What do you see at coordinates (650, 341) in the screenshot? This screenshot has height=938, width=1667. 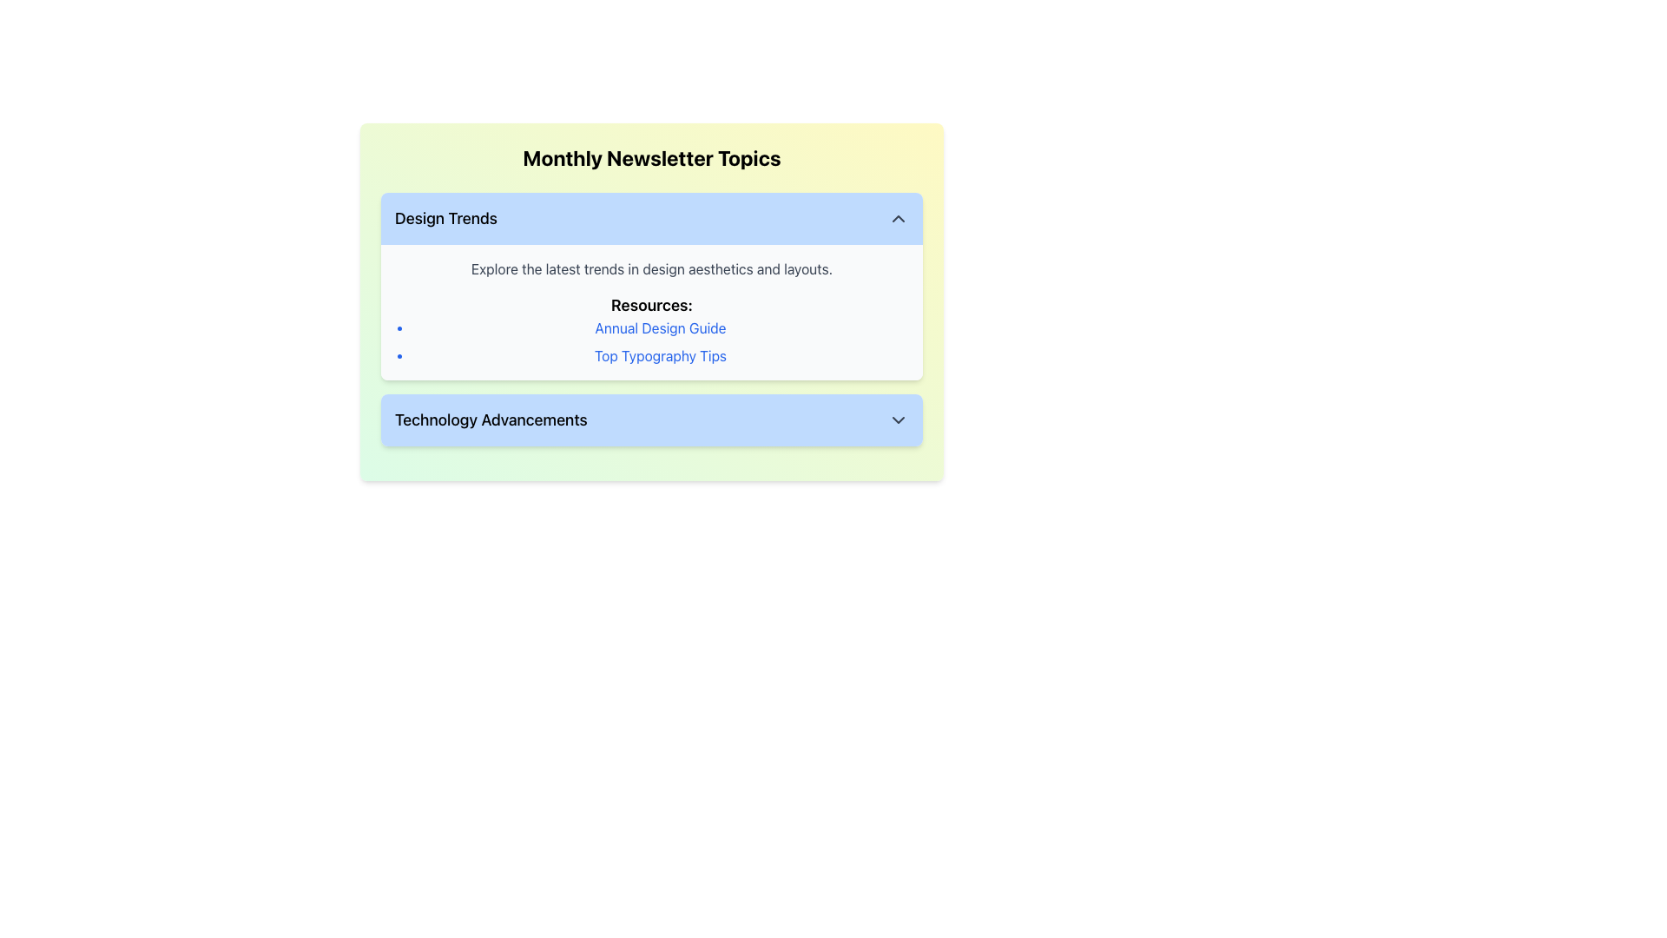 I see `the first item 'Annual Design Guide' in the unordered list located under the 'Resources' section` at bounding box center [650, 341].